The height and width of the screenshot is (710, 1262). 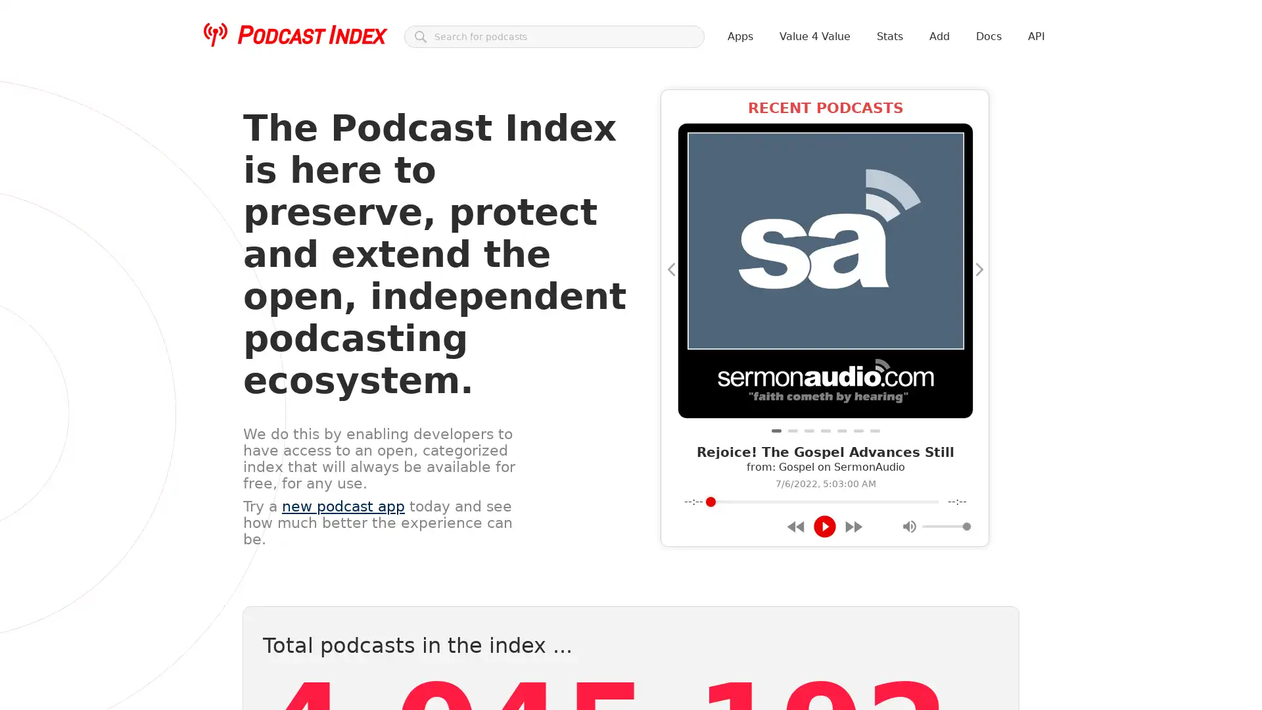 What do you see at coordinates (795, 525) in the screenshot?
I see `Rewind` at bounding box center [795, 525].